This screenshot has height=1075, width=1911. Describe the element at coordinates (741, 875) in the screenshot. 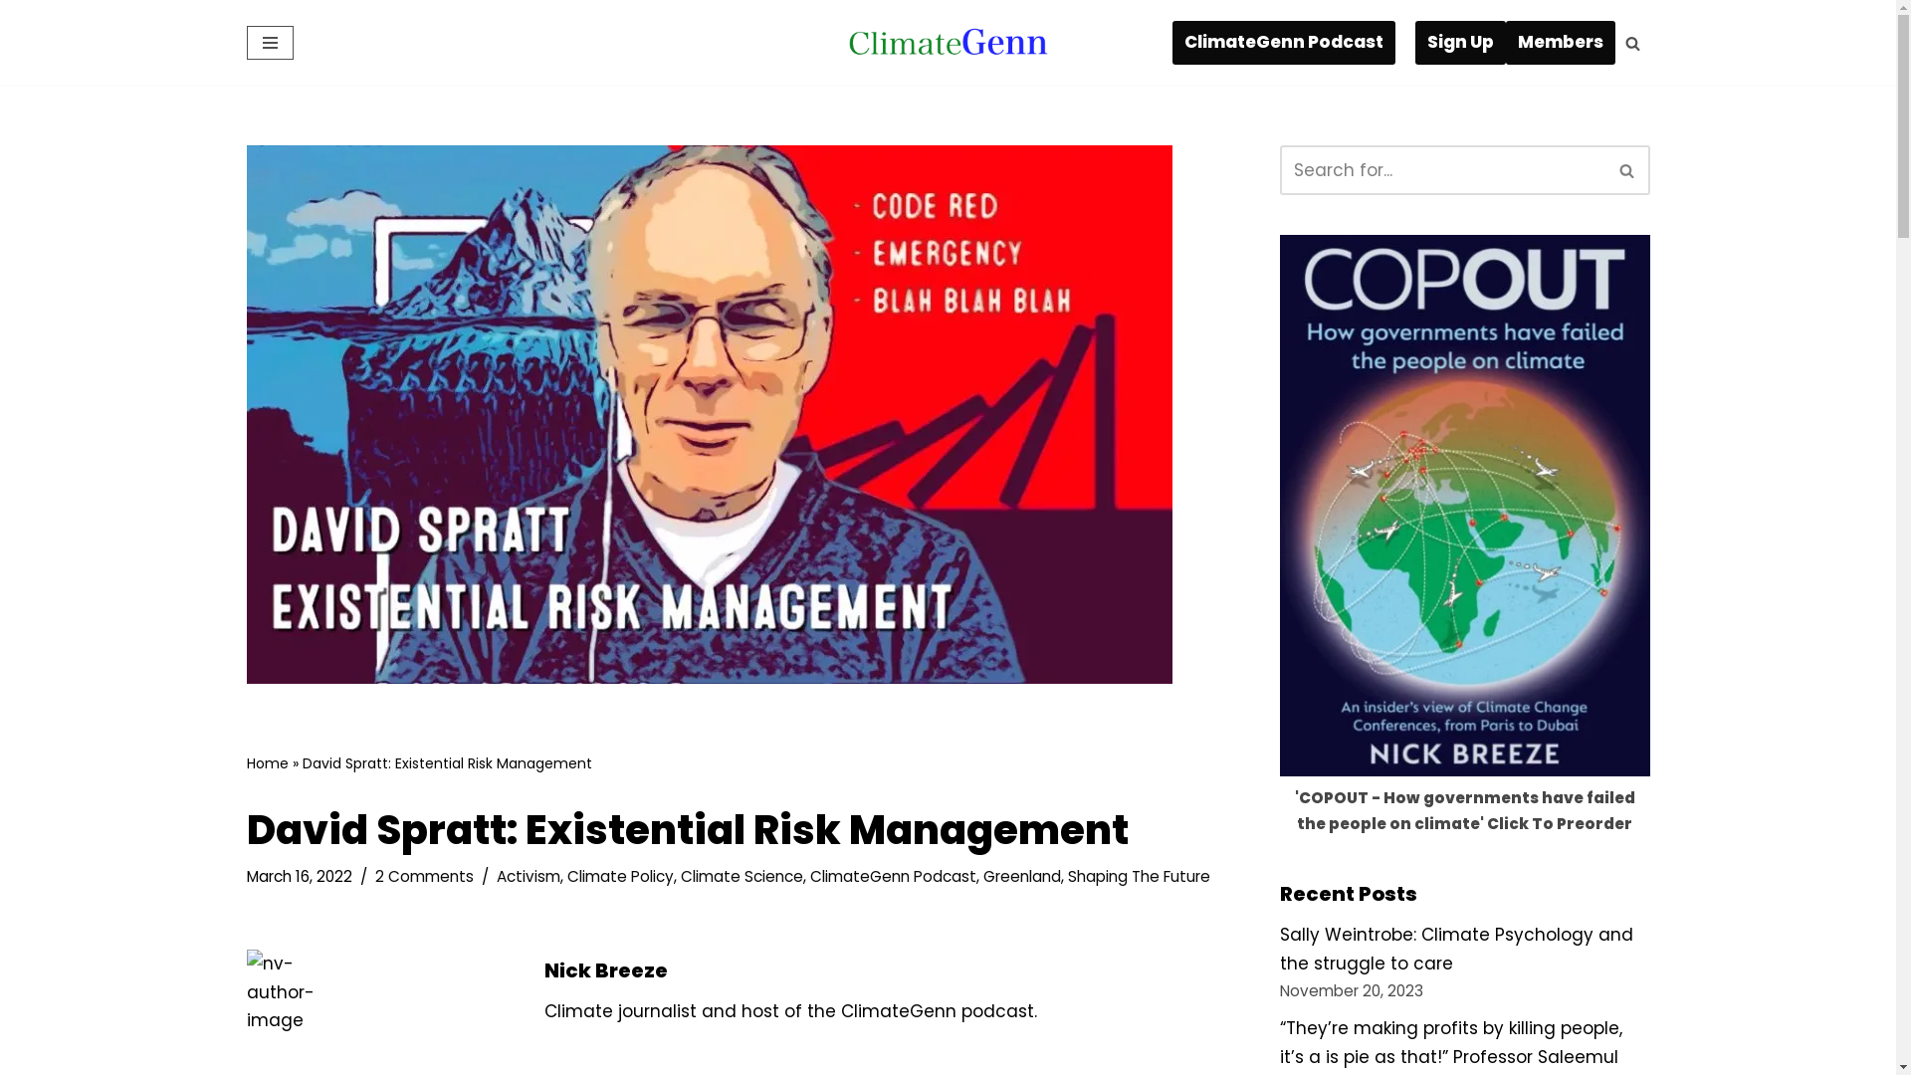

I see `'Climate Science'` at that location.